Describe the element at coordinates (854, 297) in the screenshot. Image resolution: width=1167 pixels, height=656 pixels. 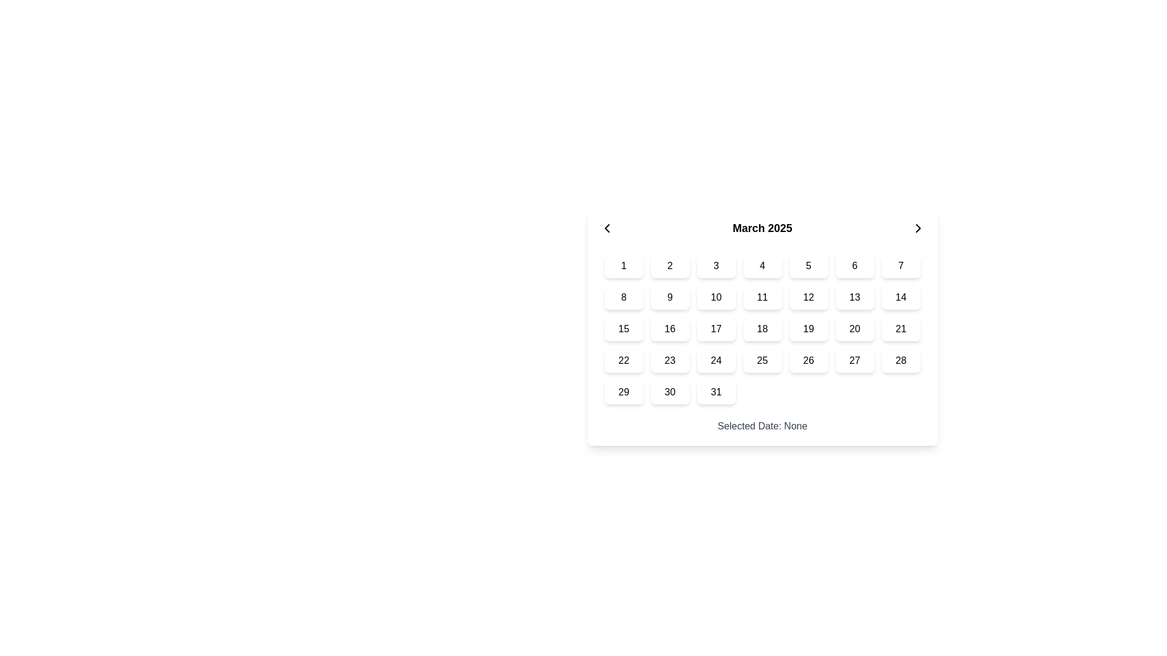
I see `the calendar date button displaying the bold number '13'` at that location.